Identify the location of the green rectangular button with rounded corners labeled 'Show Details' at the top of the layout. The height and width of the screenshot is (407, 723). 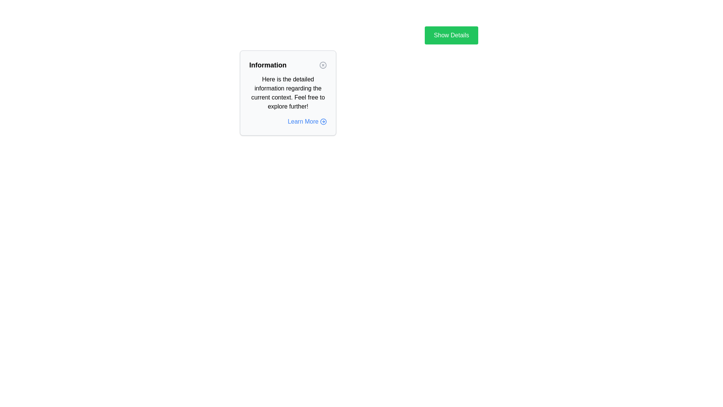
(451, 35).